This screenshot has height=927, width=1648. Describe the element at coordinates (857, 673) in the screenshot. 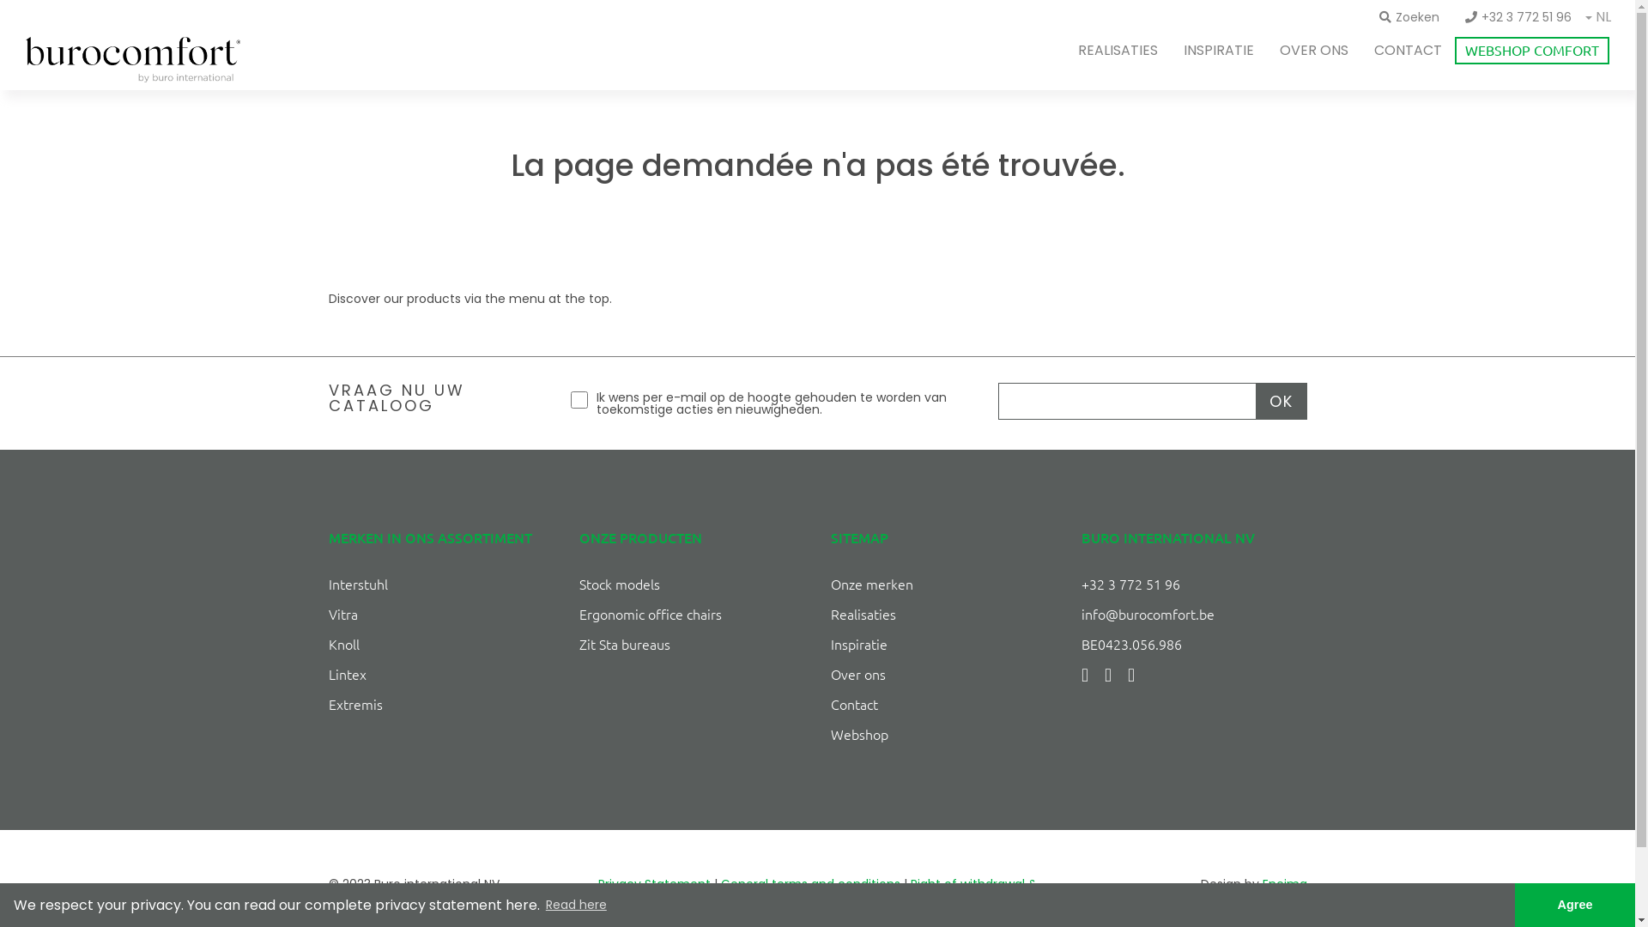

I see `'Over ons'` at that location.